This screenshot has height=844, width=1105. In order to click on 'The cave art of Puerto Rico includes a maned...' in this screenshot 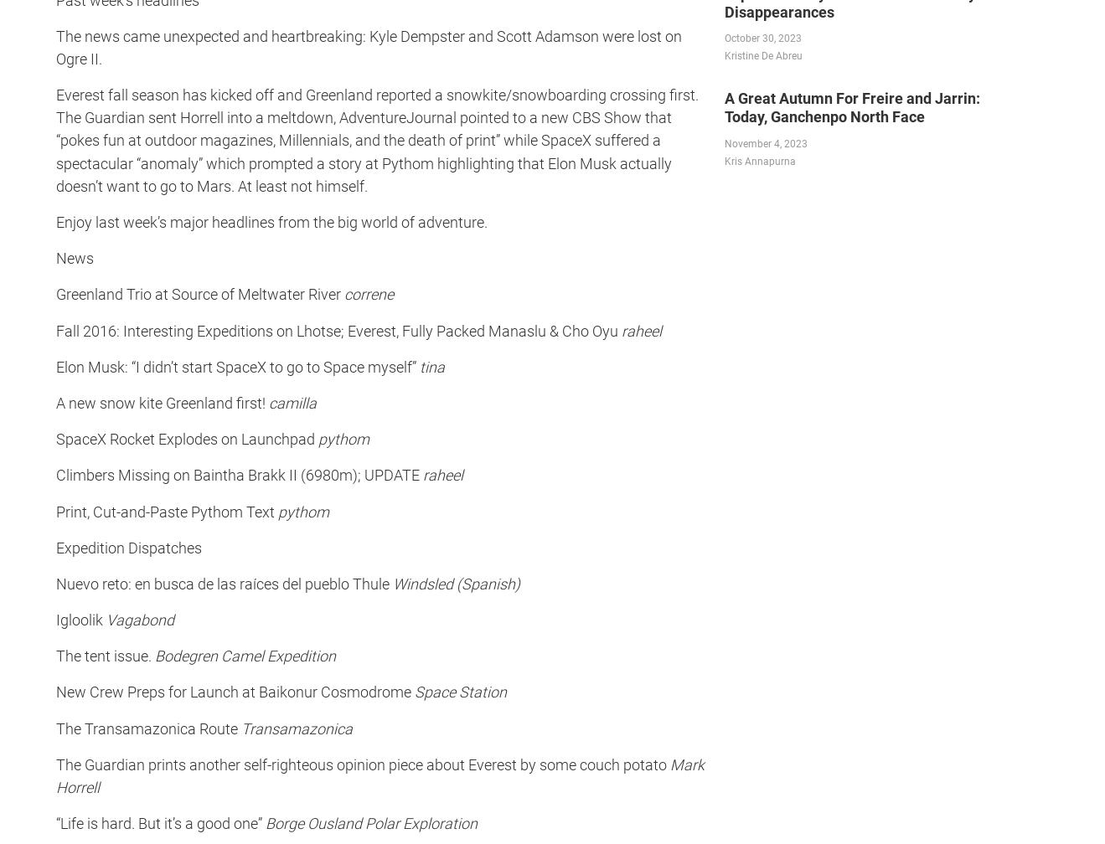, I will do `click(285, 575)`.